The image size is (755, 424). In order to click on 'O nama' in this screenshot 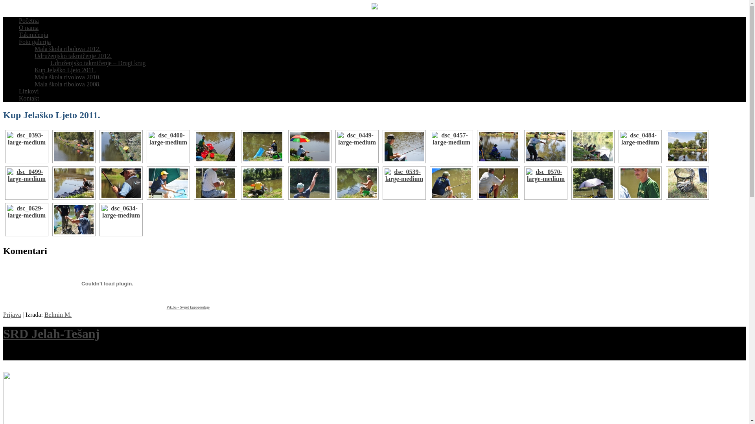, I will do `click(28, 27)`.